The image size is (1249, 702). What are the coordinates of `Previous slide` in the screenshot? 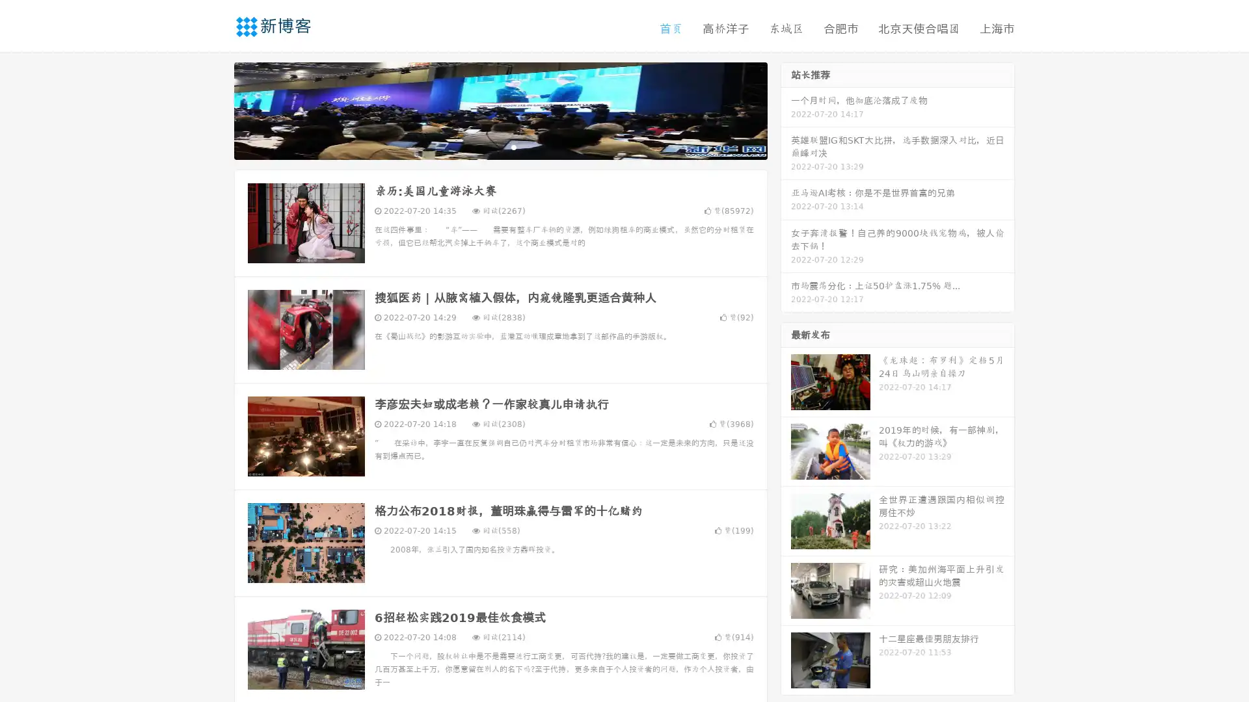 It's located at (215, 109).